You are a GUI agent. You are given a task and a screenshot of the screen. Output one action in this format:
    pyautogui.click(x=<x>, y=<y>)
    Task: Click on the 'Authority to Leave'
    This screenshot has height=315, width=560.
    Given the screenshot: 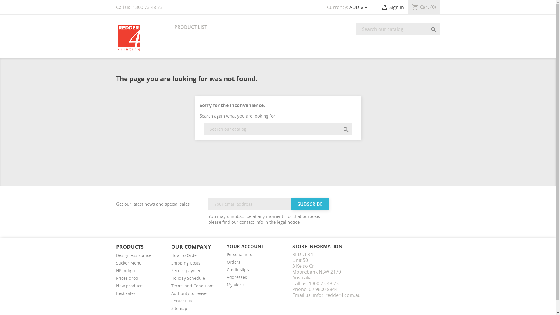 What is the action you would take?
    pyautogui.click(x=189, y=293)
    